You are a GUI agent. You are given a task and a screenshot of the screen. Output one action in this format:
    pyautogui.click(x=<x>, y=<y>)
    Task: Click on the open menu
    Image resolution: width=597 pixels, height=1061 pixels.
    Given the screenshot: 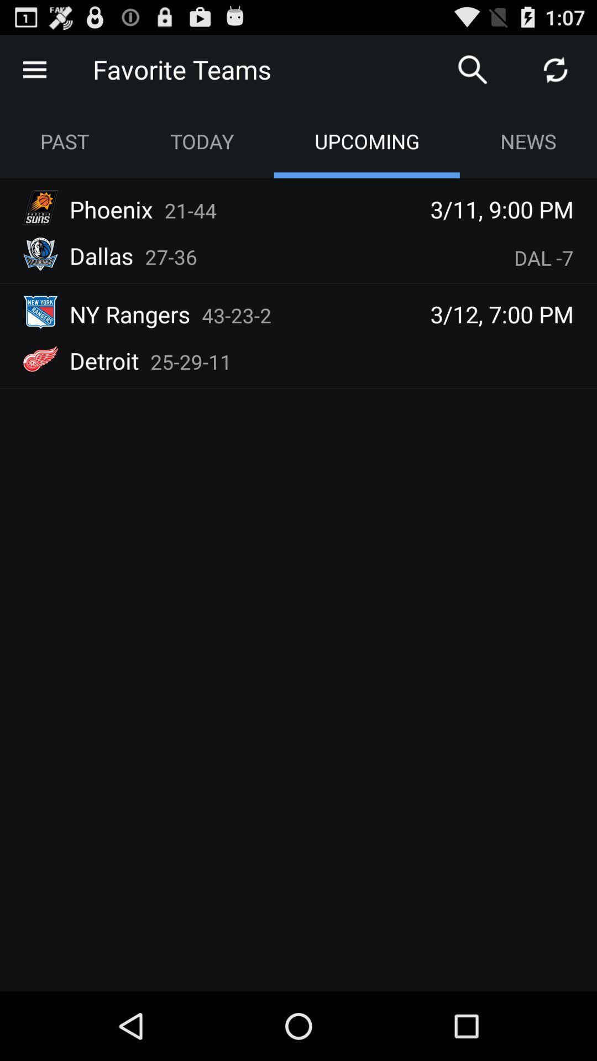 What is the action you would take?
    pyautogui.click(x=34, y=69)
    